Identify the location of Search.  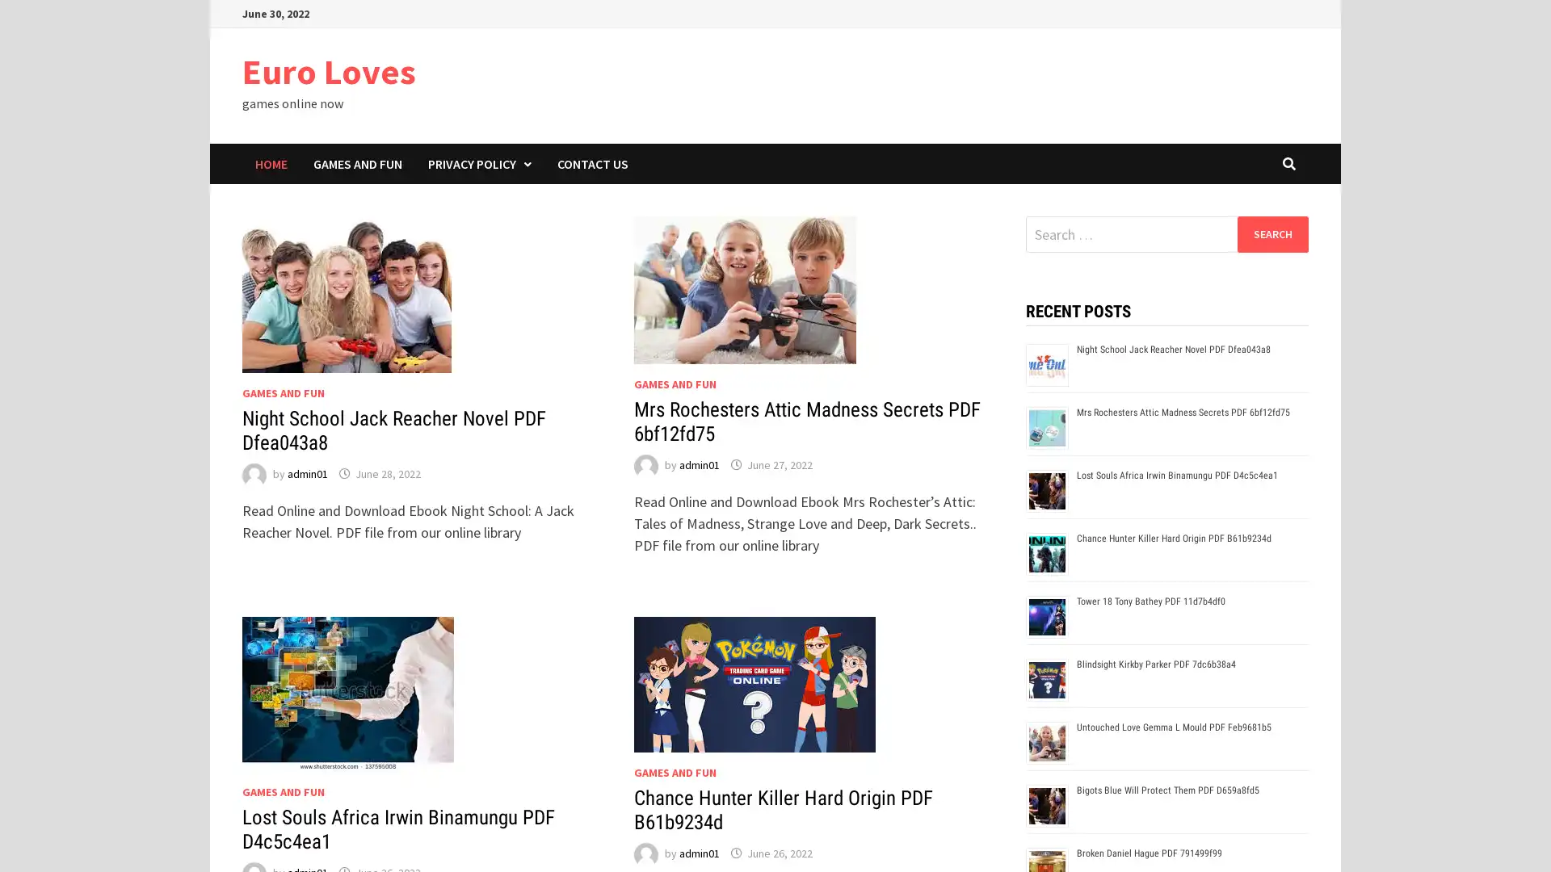
(1271, 233).